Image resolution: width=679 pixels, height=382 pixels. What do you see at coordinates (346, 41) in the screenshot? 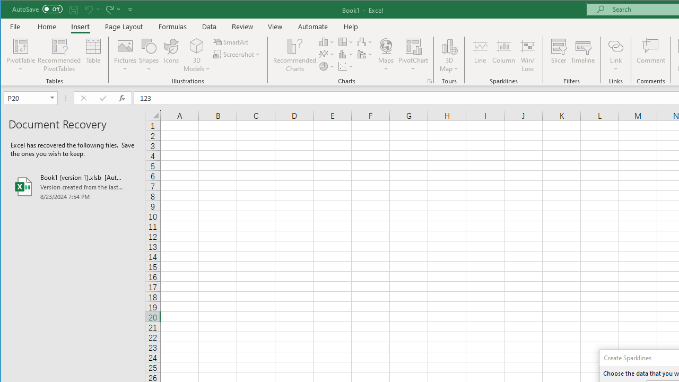
I see `'Insert Hierarchy Chart'` at bounding box center [346, 41].